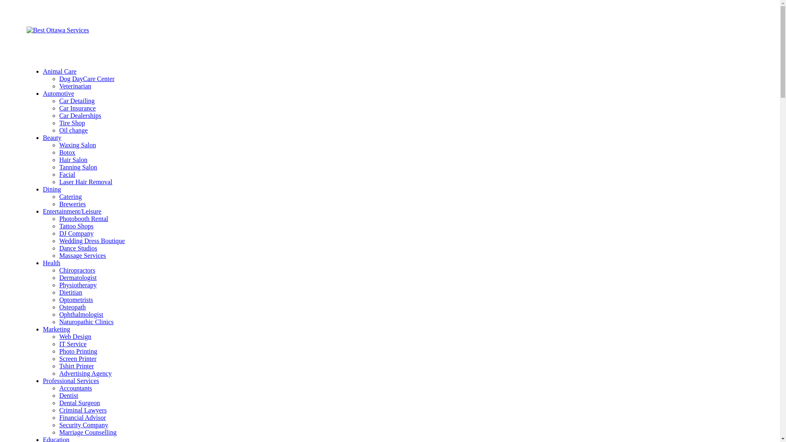 The height and width of the screenshot is (442, 786). I want to click on 'Optometrists', so click(76, 300).